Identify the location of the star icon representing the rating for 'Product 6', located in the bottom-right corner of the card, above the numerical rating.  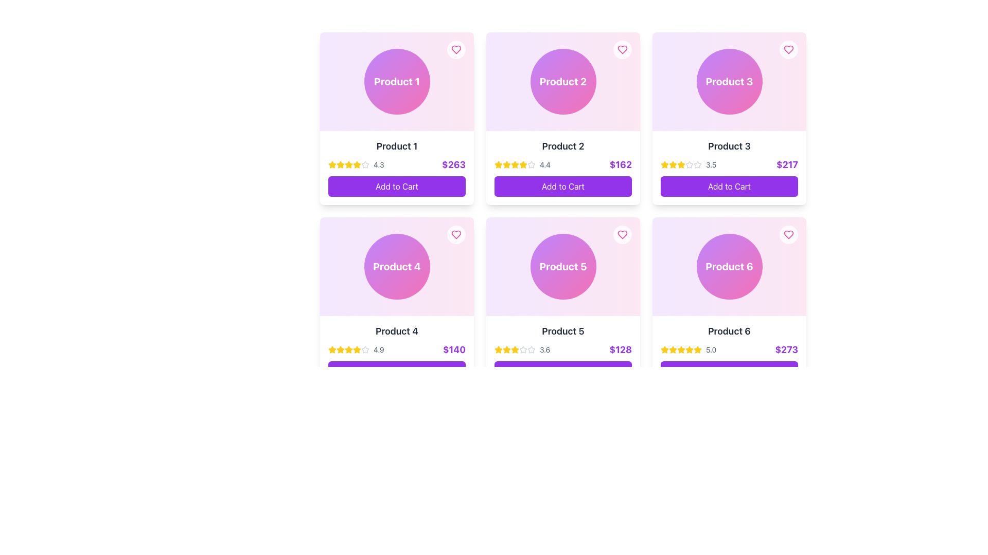
(697, 348).